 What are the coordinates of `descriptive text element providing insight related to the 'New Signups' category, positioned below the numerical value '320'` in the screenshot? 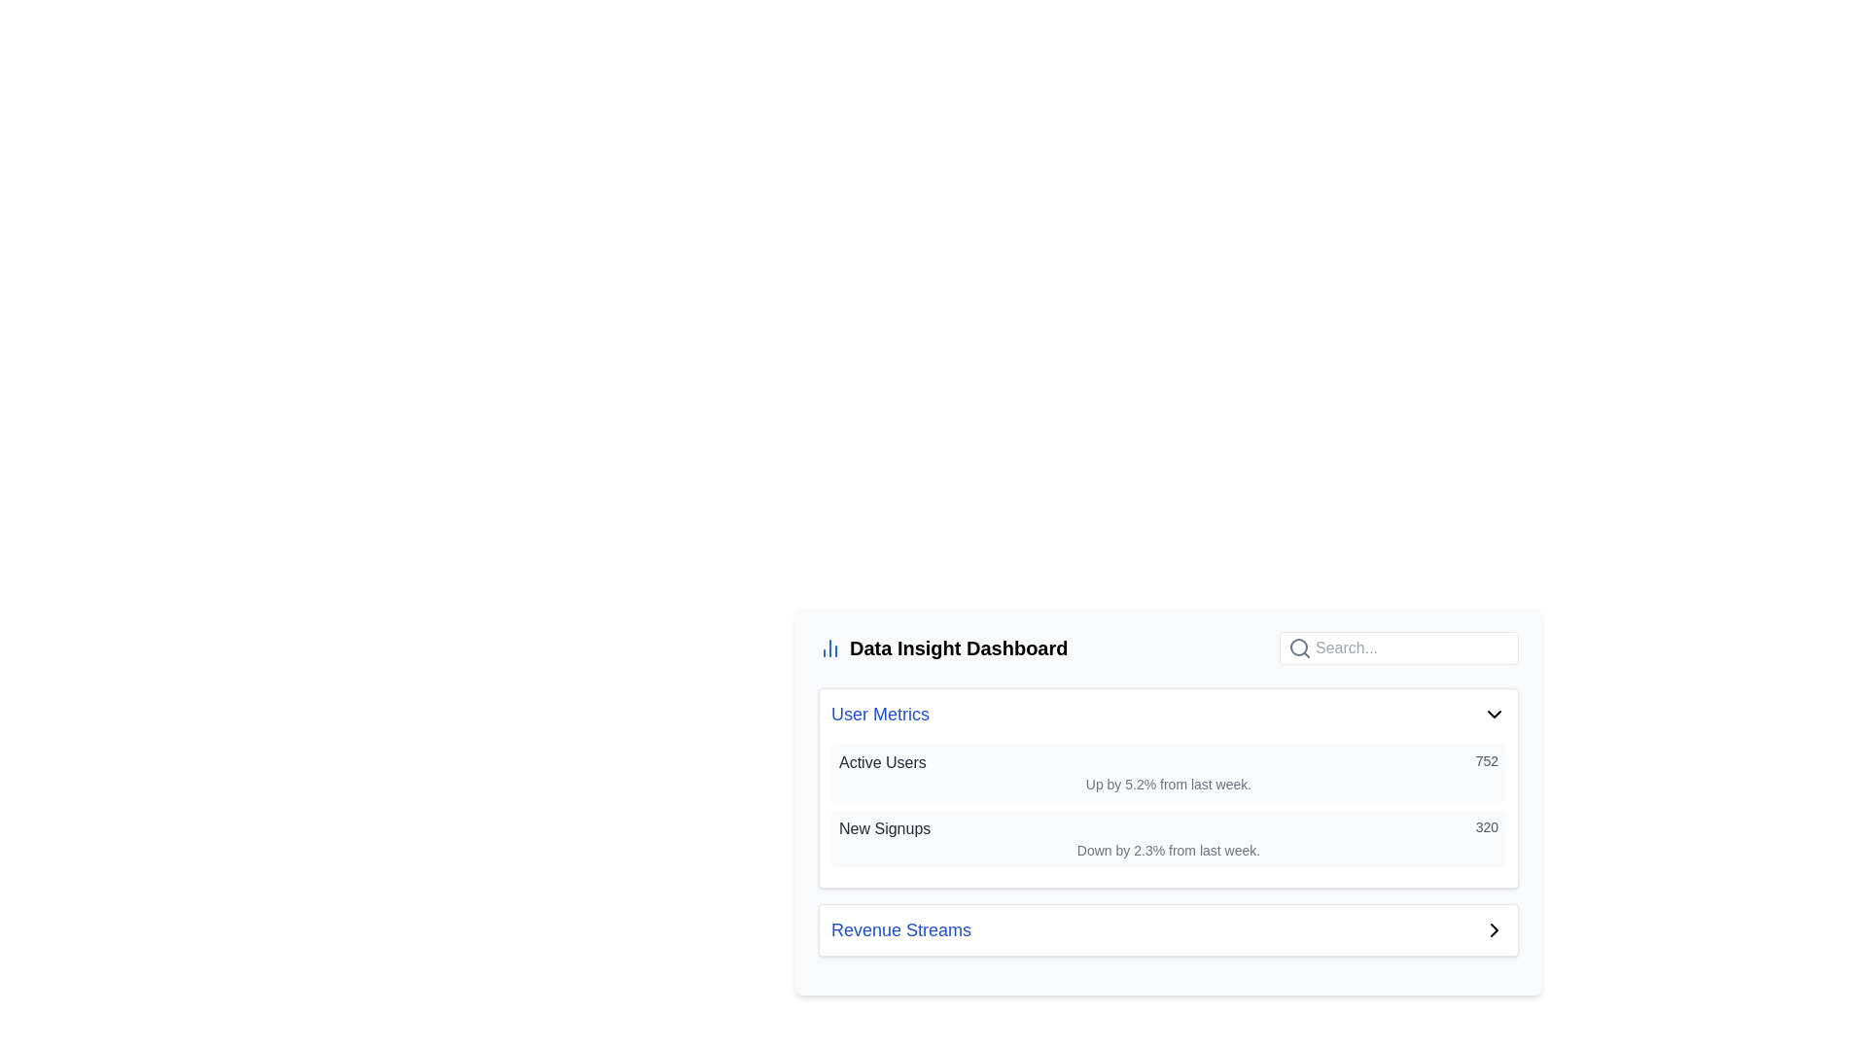 It's located at (1167, 850).